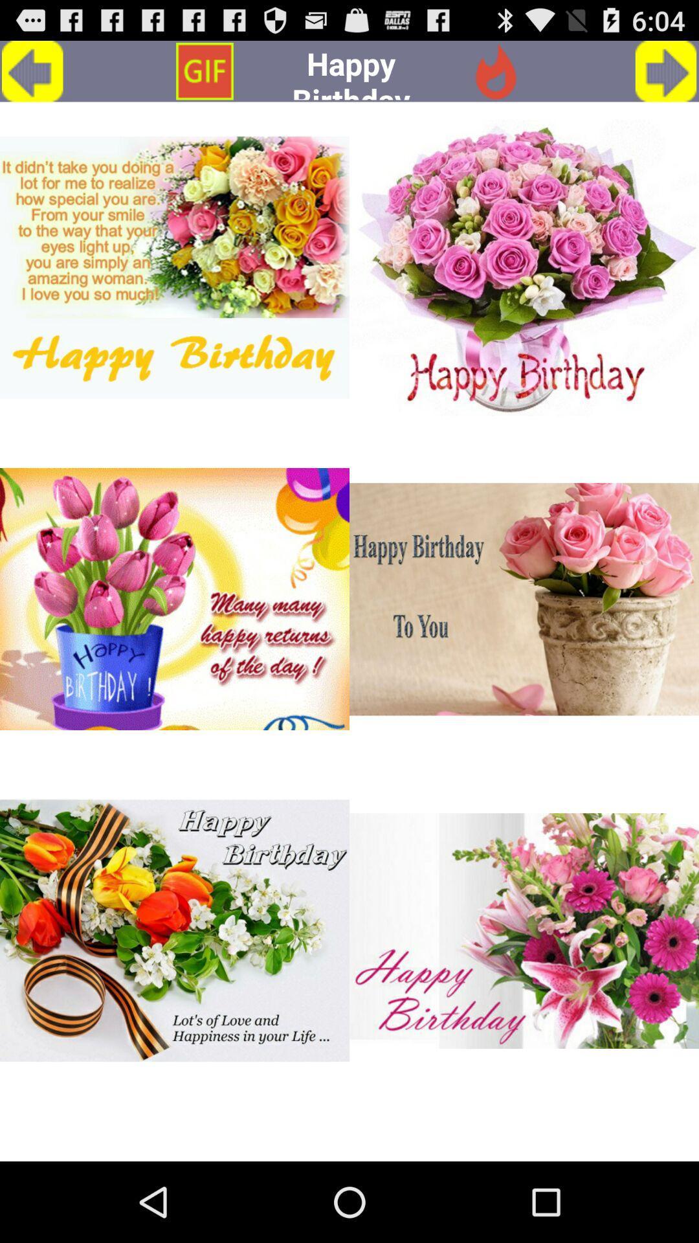 This screenshot has width=699, height=1243. What do you see at coordinates (524, 930) in the screenshot?
I see `the bottom right image` at bounding box center [524, 930].